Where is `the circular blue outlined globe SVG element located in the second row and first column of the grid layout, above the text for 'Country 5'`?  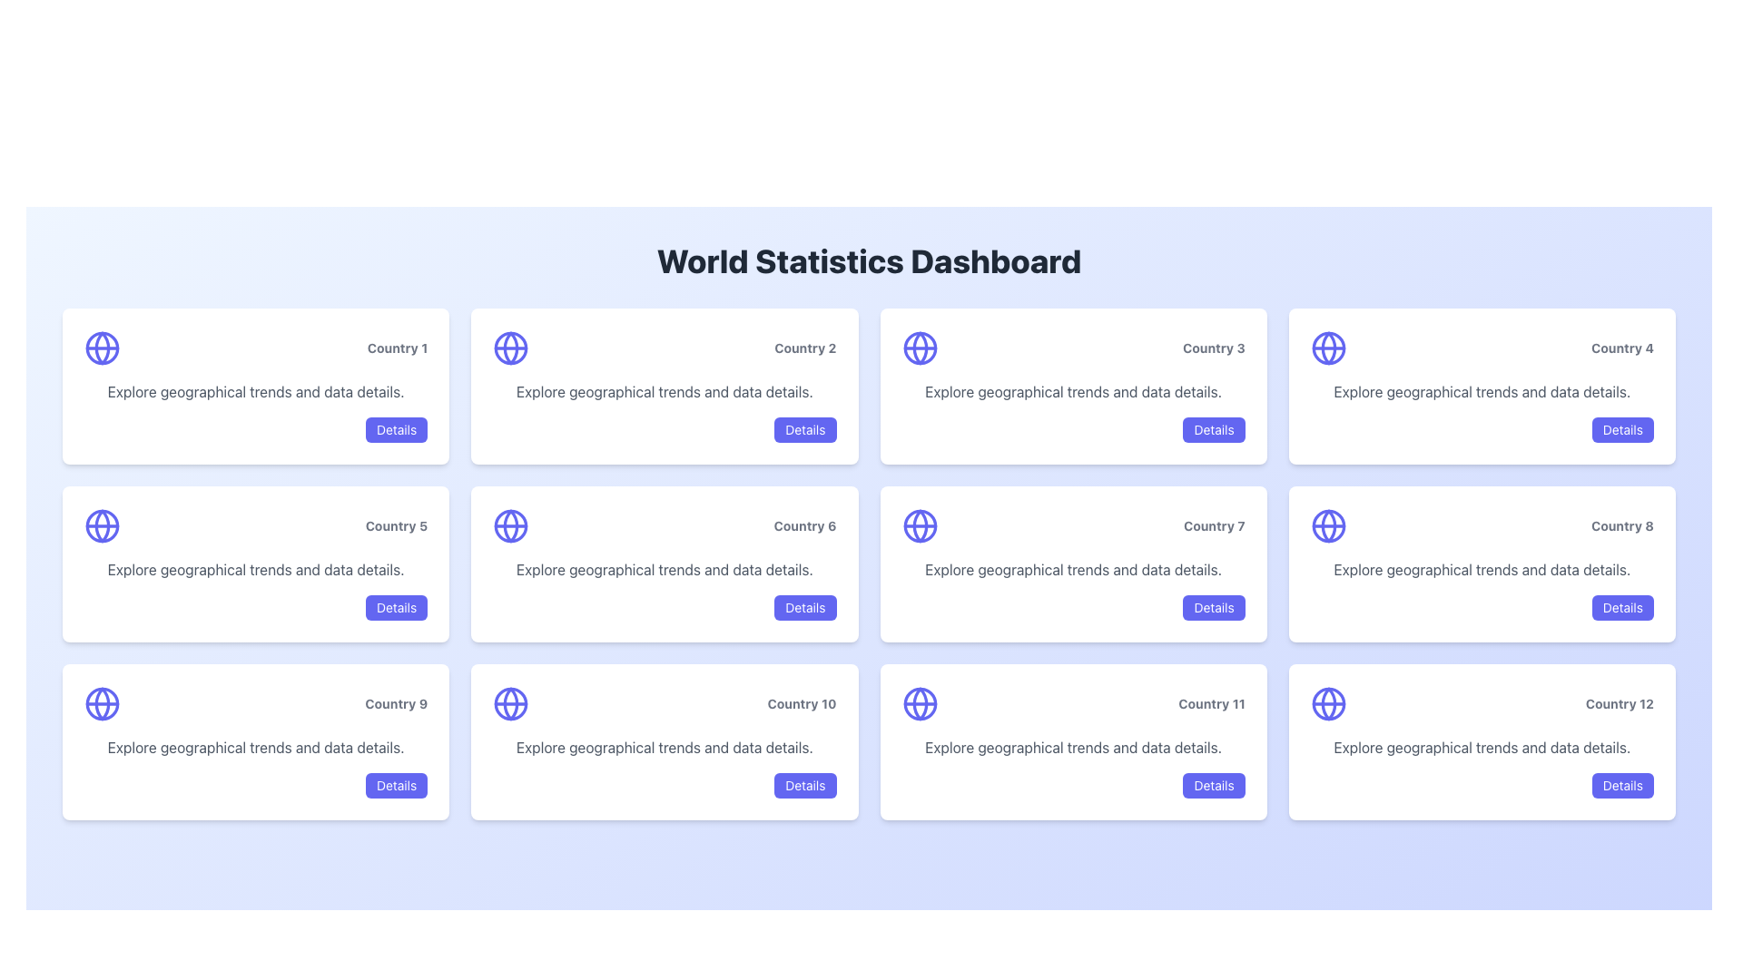 the circular blue outlined globe SVG element located in the second row and first column of the grid layout, above the text for 'Country 5' is located at coordinates (102, 525).